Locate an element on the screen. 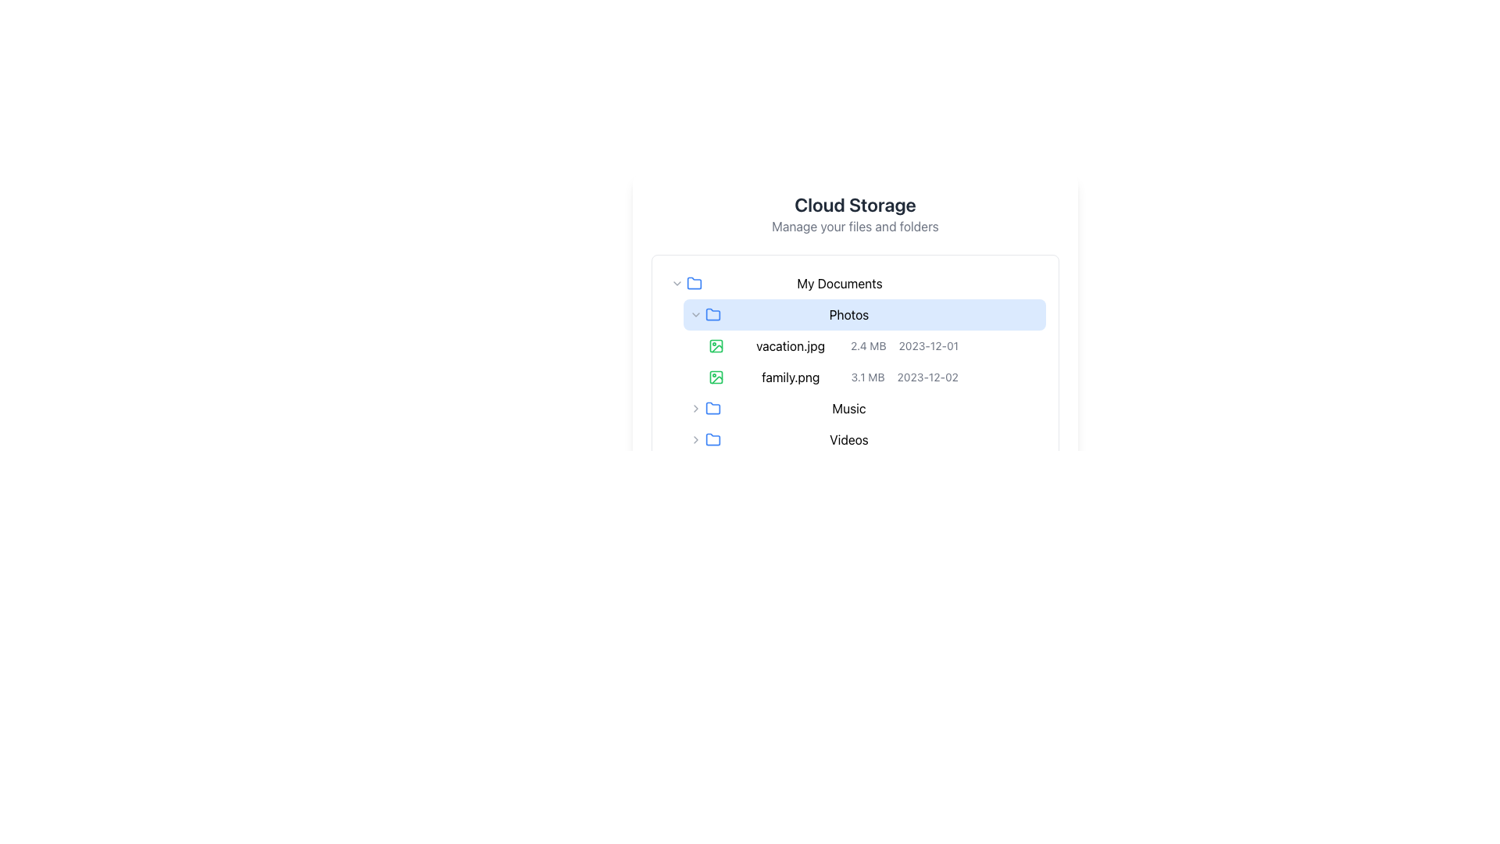  the third icon button (trash) in the file list corresponding to 'vacation.jpg' to change its color to red is located at coordinates (1015, 345).